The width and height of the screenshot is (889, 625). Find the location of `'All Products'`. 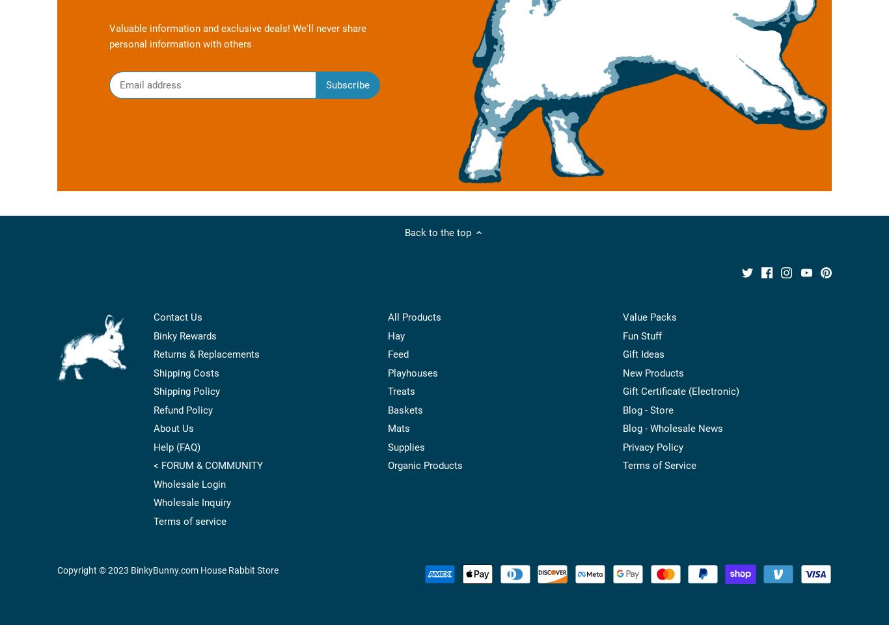

'All Products' is located at coordinates (413, 317).